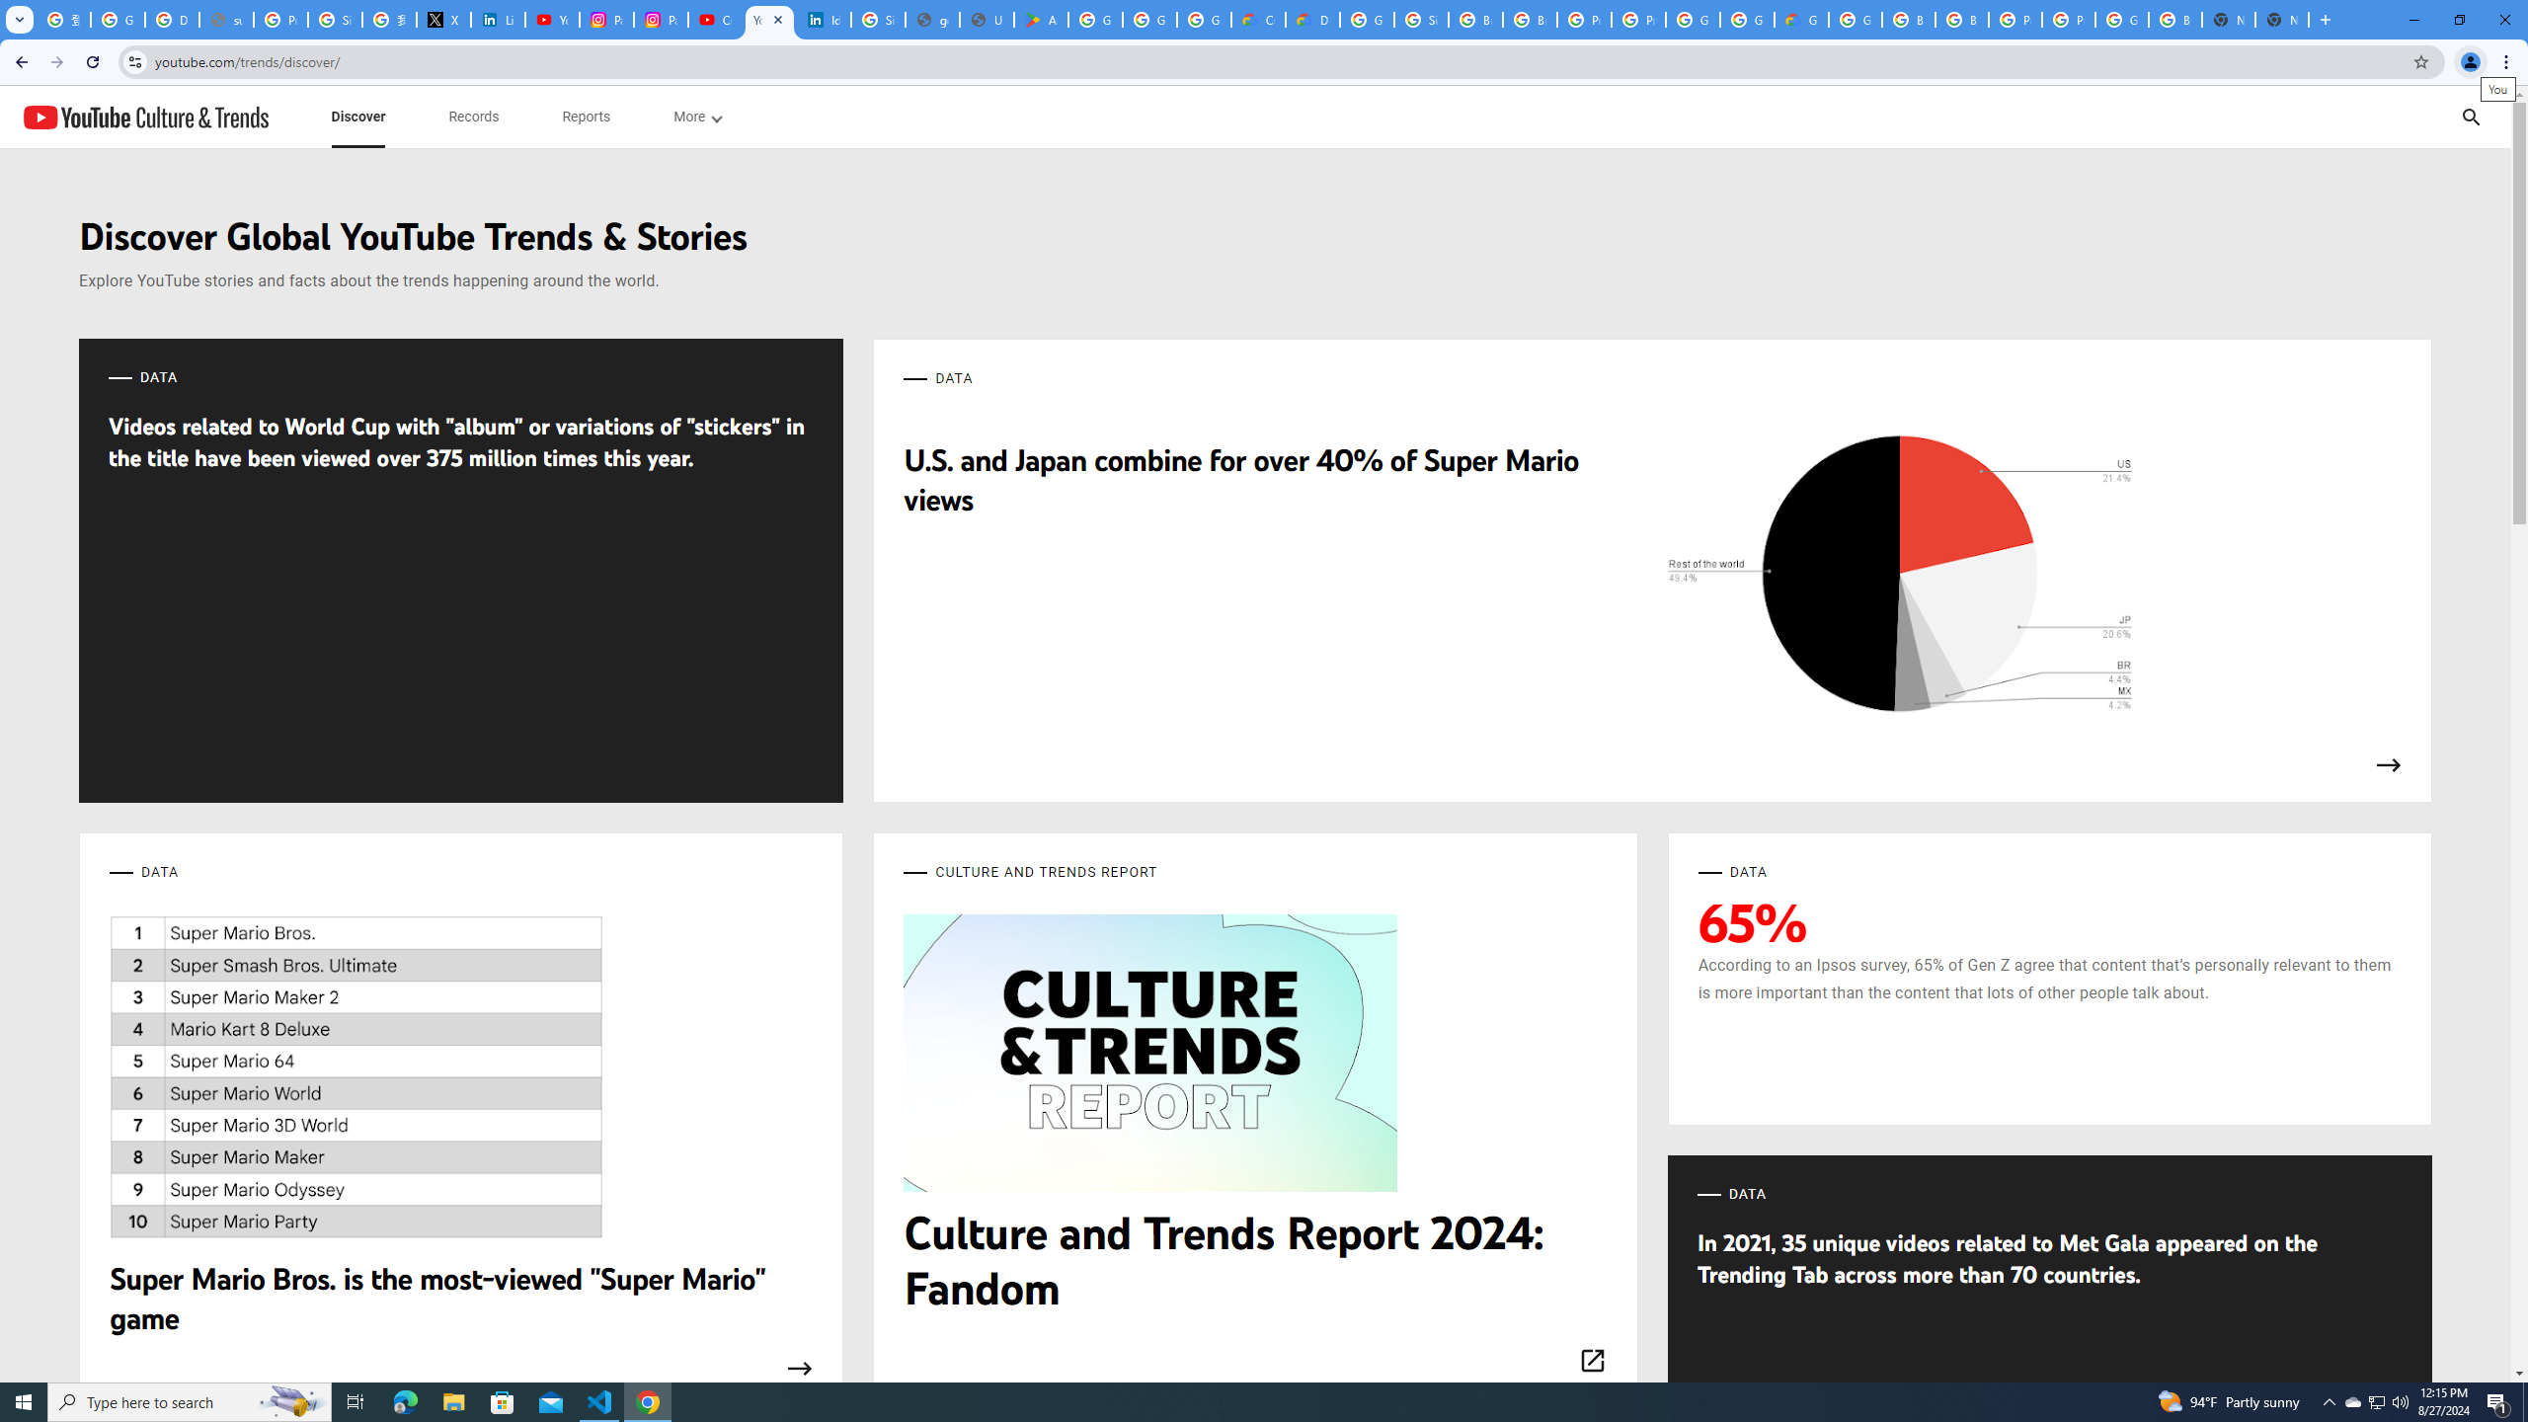 The width and height of the screenshot is (2528, 1422). I want to click on 'subnav-Reports menupopup', so click(585, 117).